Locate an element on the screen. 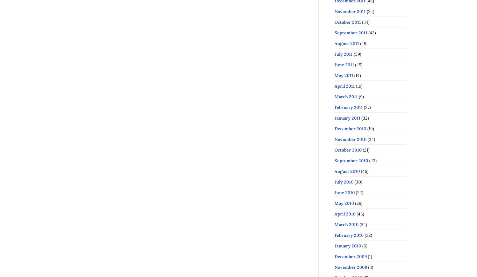  '(23)' is located at coordinates (372, 160).